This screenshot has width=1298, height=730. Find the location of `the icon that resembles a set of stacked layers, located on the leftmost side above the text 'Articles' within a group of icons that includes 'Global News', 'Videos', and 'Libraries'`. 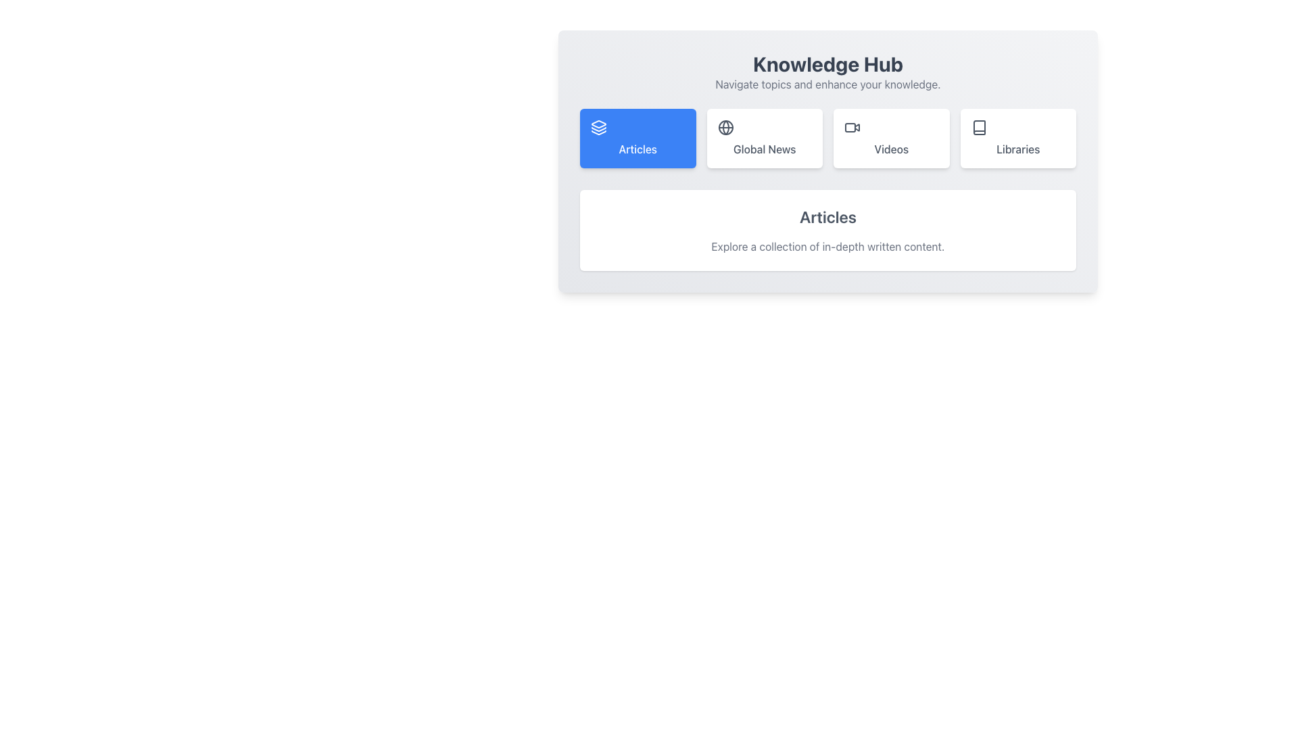

the icon that resembles a set of stacked layers, located on the leftmost side above the text 'Articles' within a group of icons that includes 'Global News', 'Videos', and 'Libraries' is located at coordinates (598, 124).